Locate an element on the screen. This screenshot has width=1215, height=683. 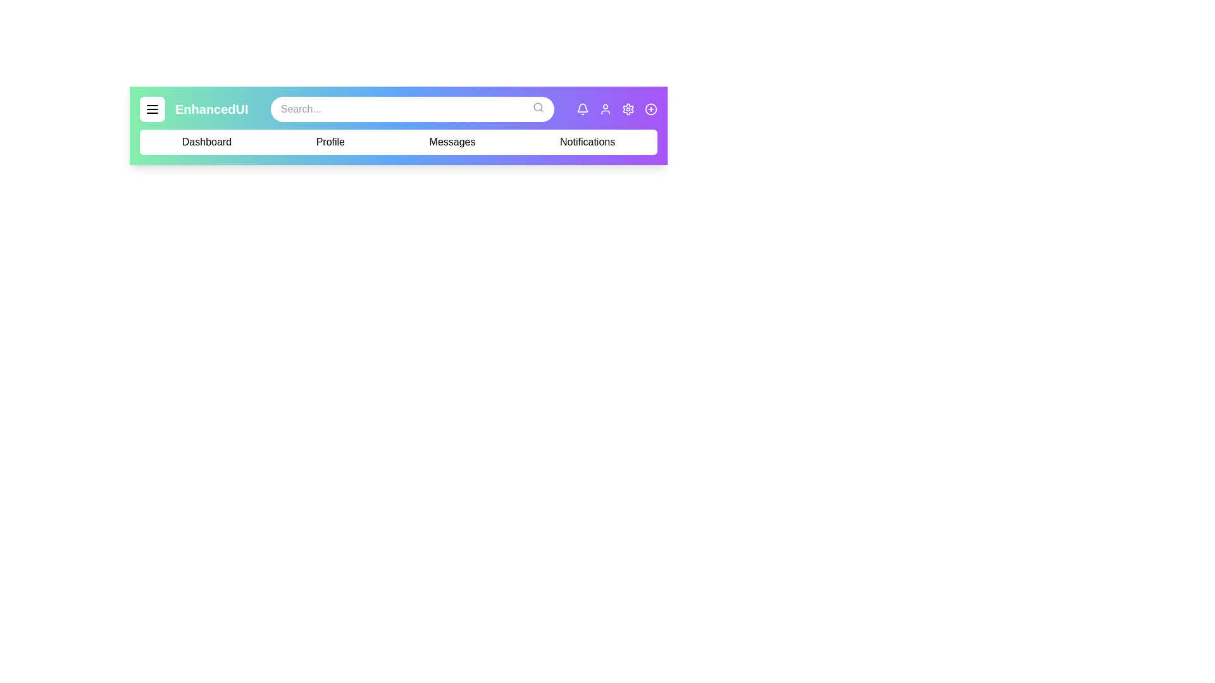
the menu item Messages from the navigation bar is located at coordinates (452, 142).